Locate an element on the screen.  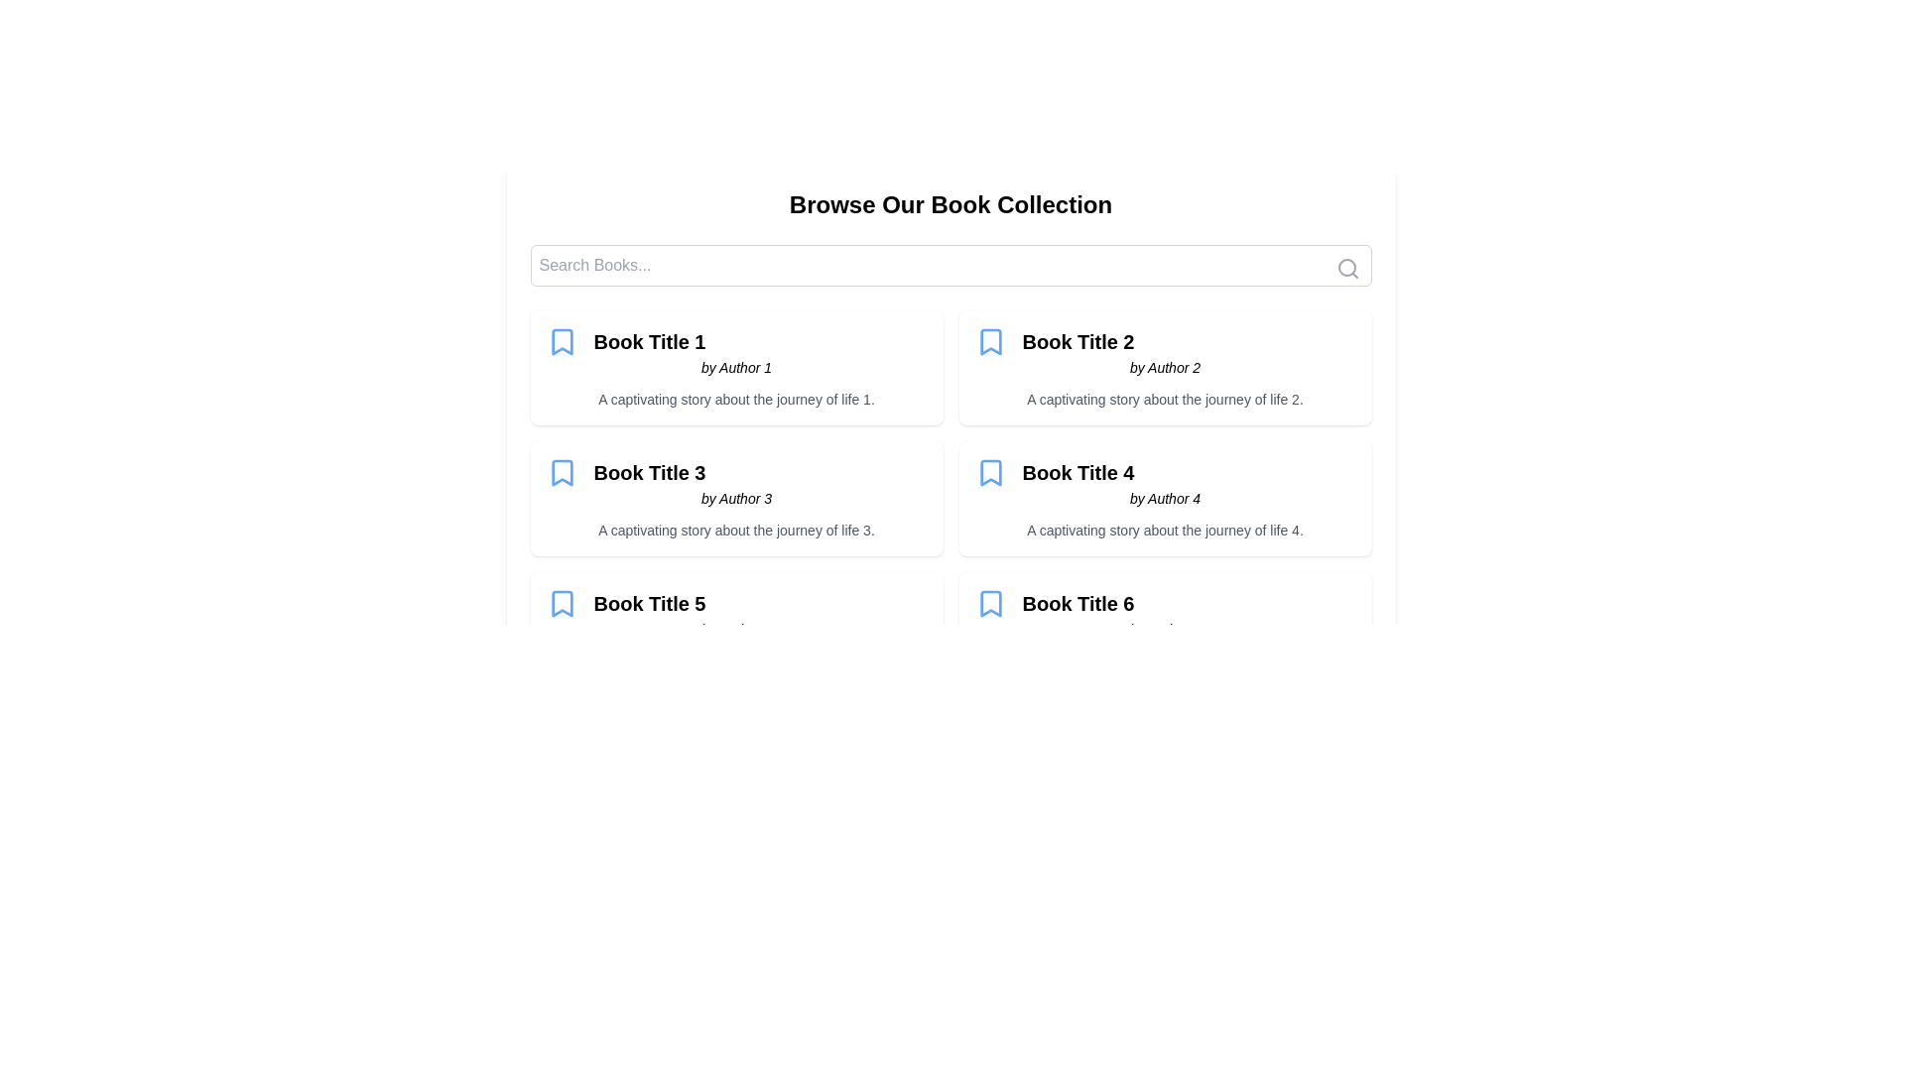
text label displaying 'by Author 2' which is styled in italic and located below the main title 'Book Title 2' is located at coordinates (1165, 367).